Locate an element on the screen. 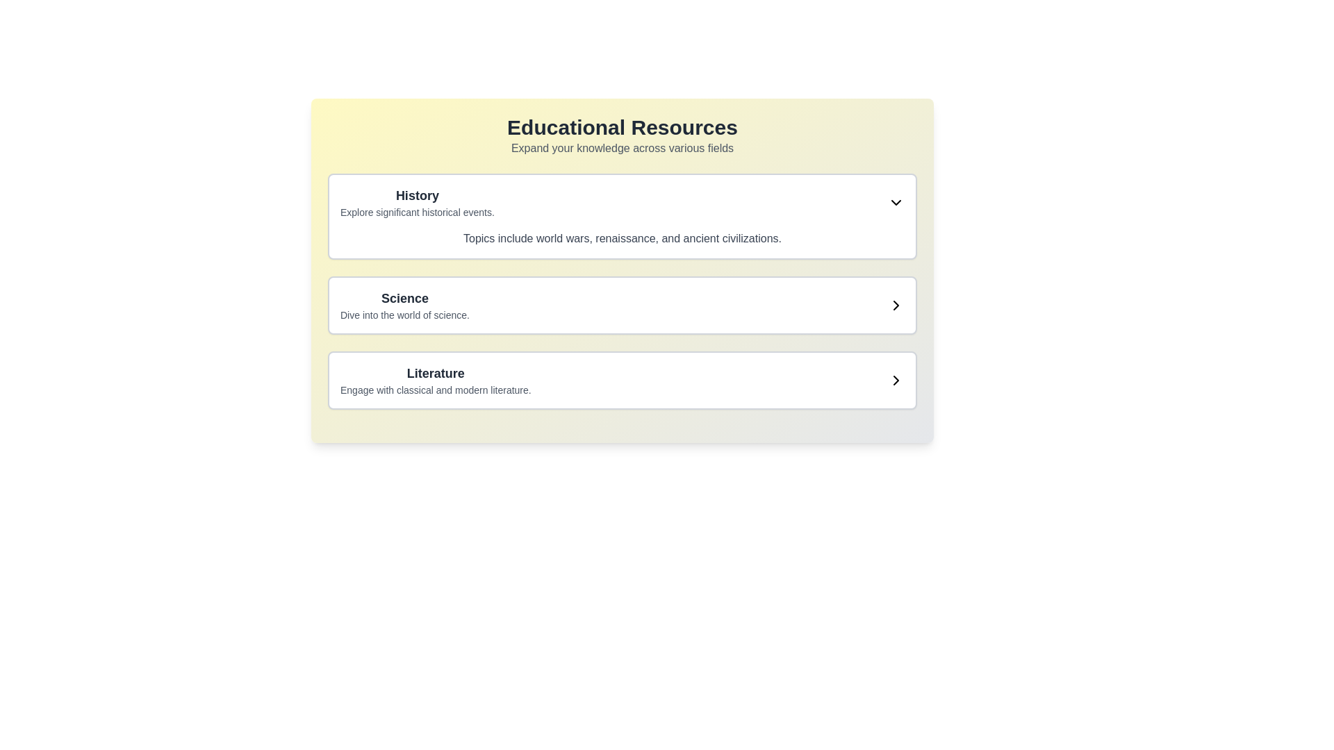 Image resolution: width=1334 pixels, height=750 pixels. the static text element that provides a brief informative description about the 'History' topic, located below the main title 'History' is located at coordinates (416, 212).